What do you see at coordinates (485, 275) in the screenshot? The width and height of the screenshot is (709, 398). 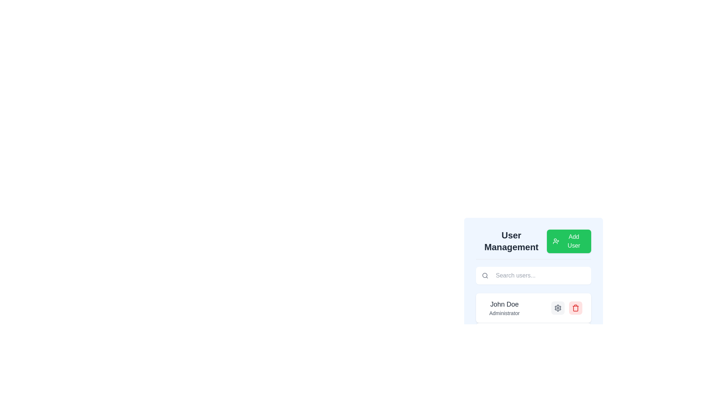 I see `the circular part of the search icon, which is designed with a thin outline and is positioned within a magnifying glass shape in the search bar area, located below the 'User Management' title` at bounding box center [485, 275].